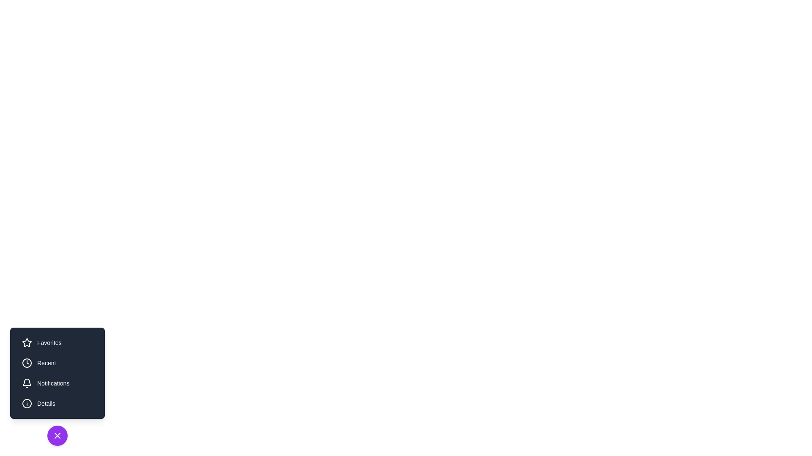 This screenshot has height=456, width=812. I want to click on the Details button to trigger its action, so click(57, 403).